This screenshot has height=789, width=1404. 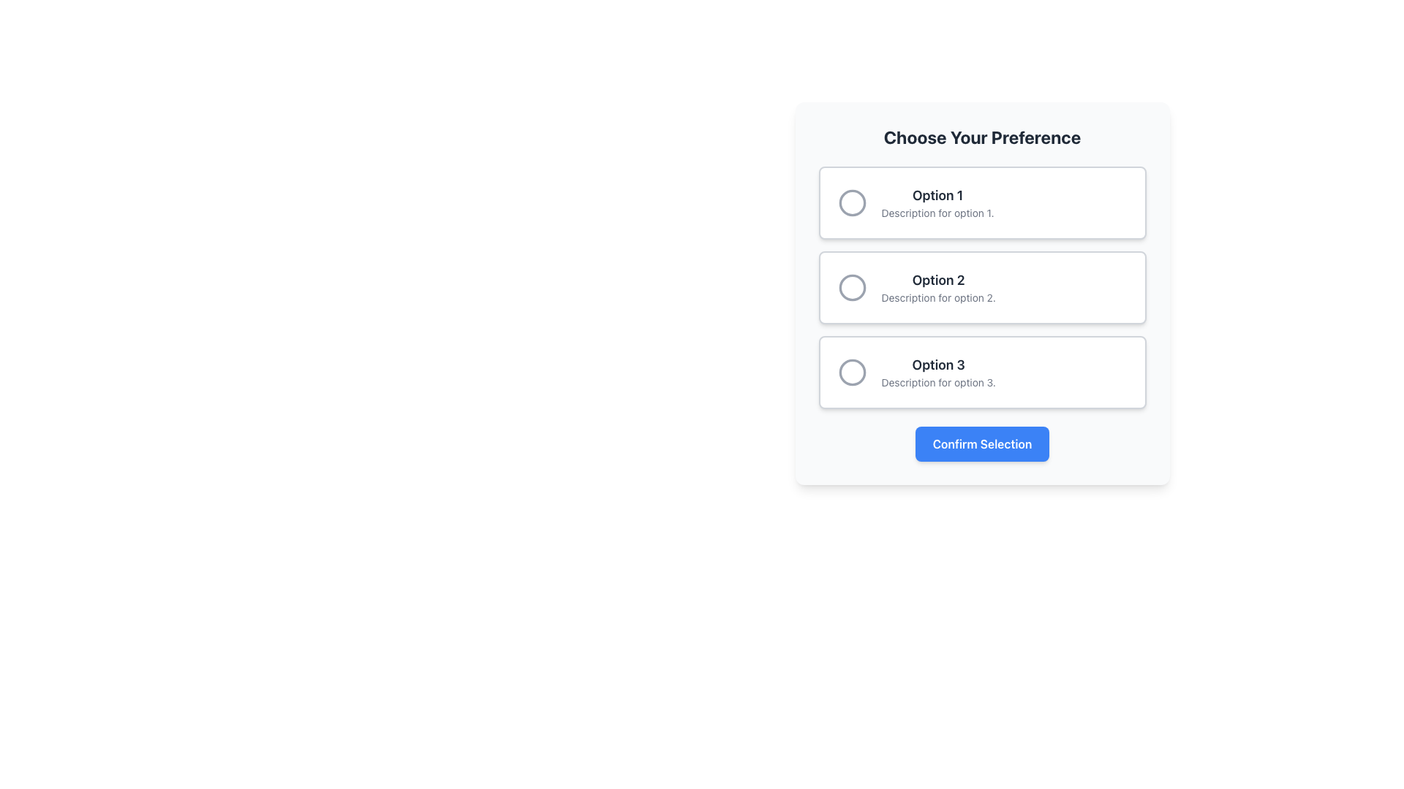 I want to click on the radio button indicator for 'Option 1' in the 'Choose Your Preference' list, so click(x=852, y=202).